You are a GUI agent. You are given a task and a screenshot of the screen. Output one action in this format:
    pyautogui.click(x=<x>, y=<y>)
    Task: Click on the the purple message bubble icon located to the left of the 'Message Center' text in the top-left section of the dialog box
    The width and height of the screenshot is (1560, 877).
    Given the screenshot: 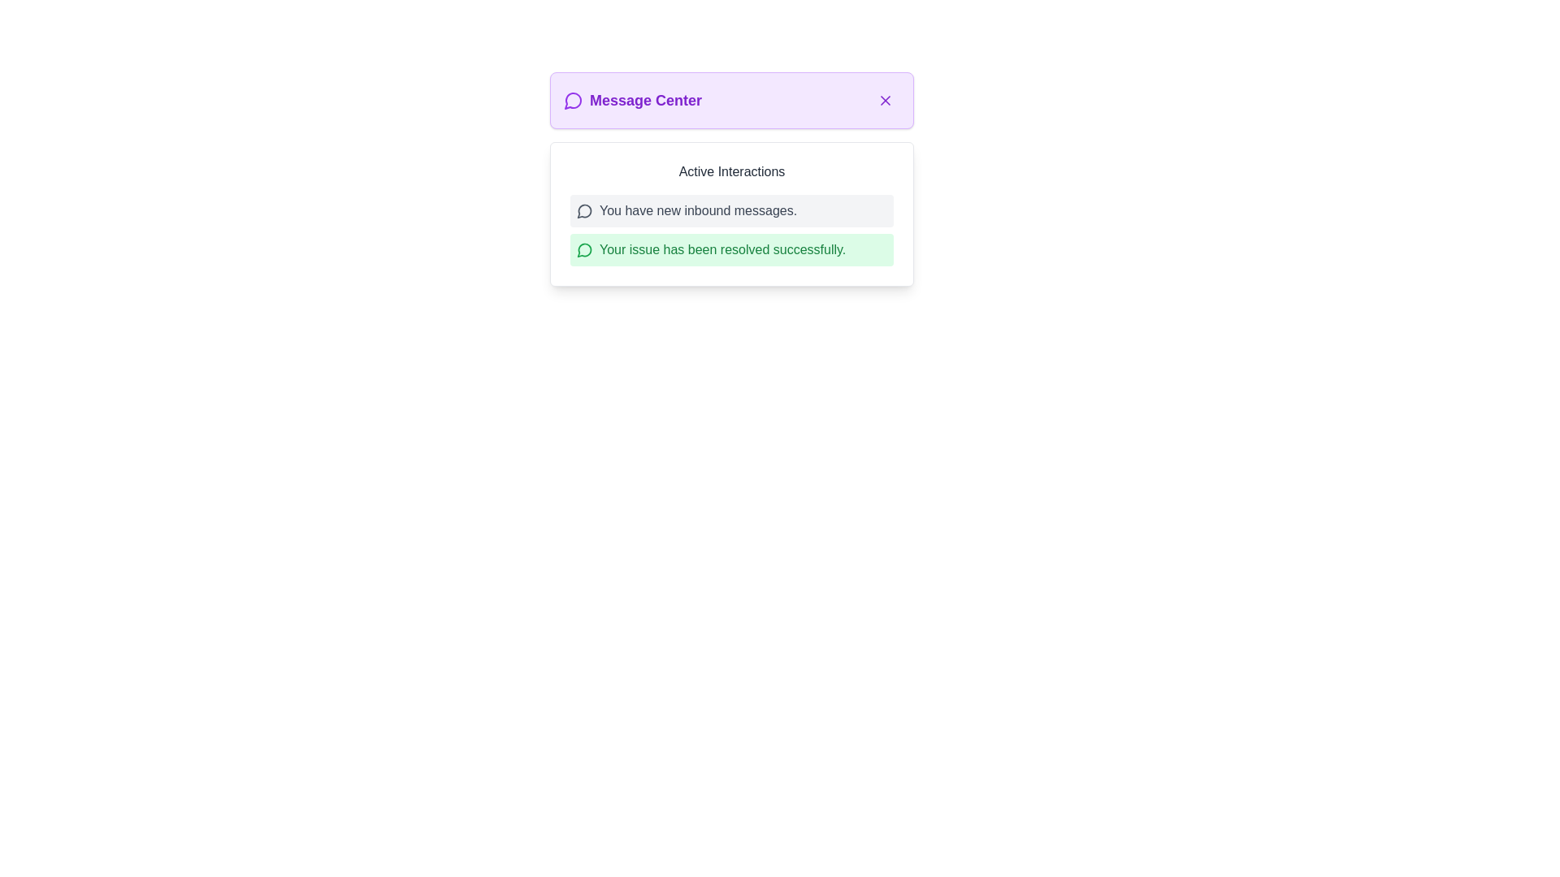 What is the action you would take?
    pyautogui.click(x=573, y=100)
    